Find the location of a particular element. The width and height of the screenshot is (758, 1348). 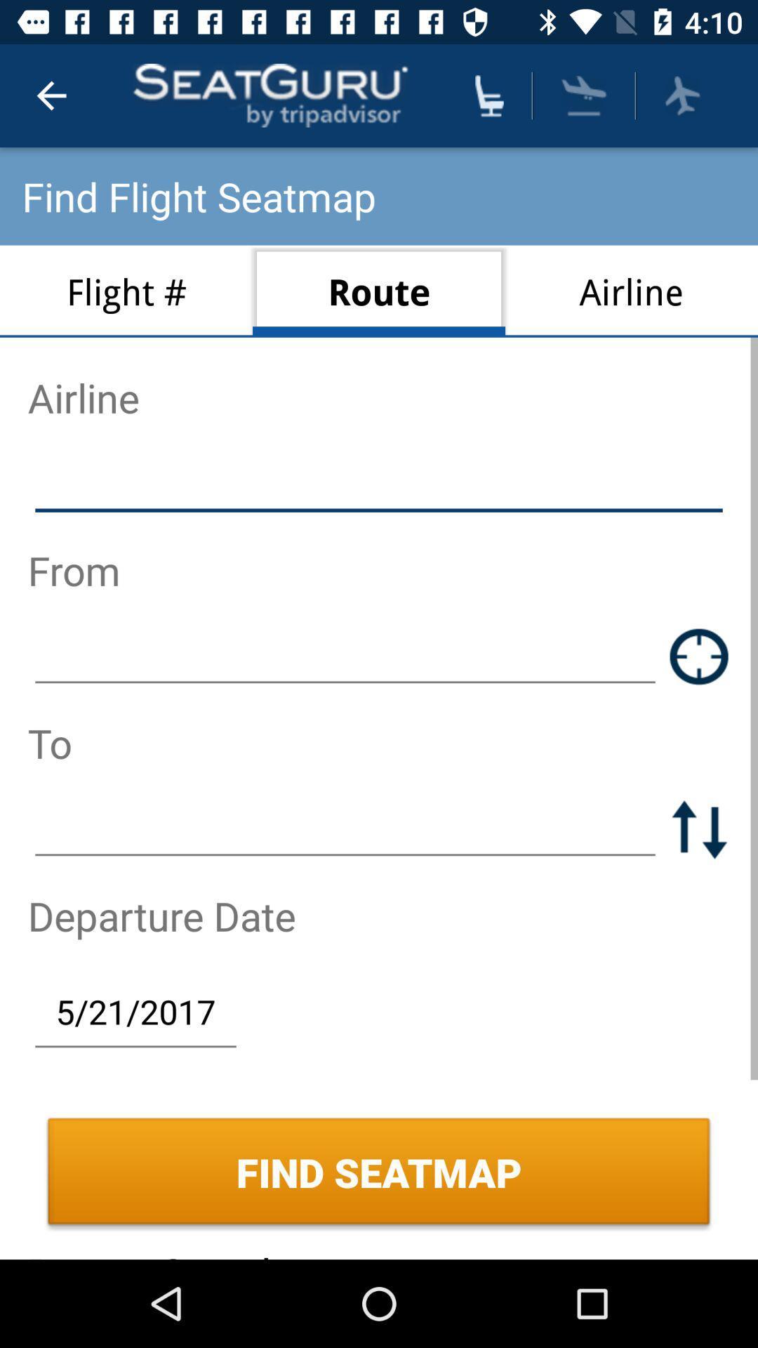

destiny blank bar is located at coordinates (345, 829).